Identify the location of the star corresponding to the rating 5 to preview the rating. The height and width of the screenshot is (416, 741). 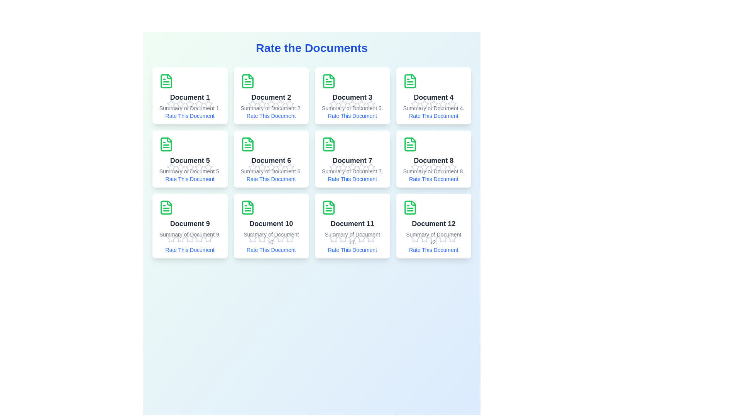
(208, 104).